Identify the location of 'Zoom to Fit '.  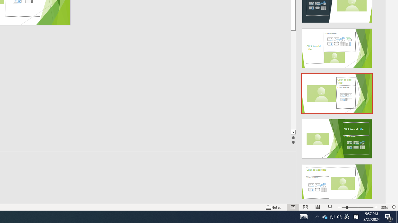
(394, 207).